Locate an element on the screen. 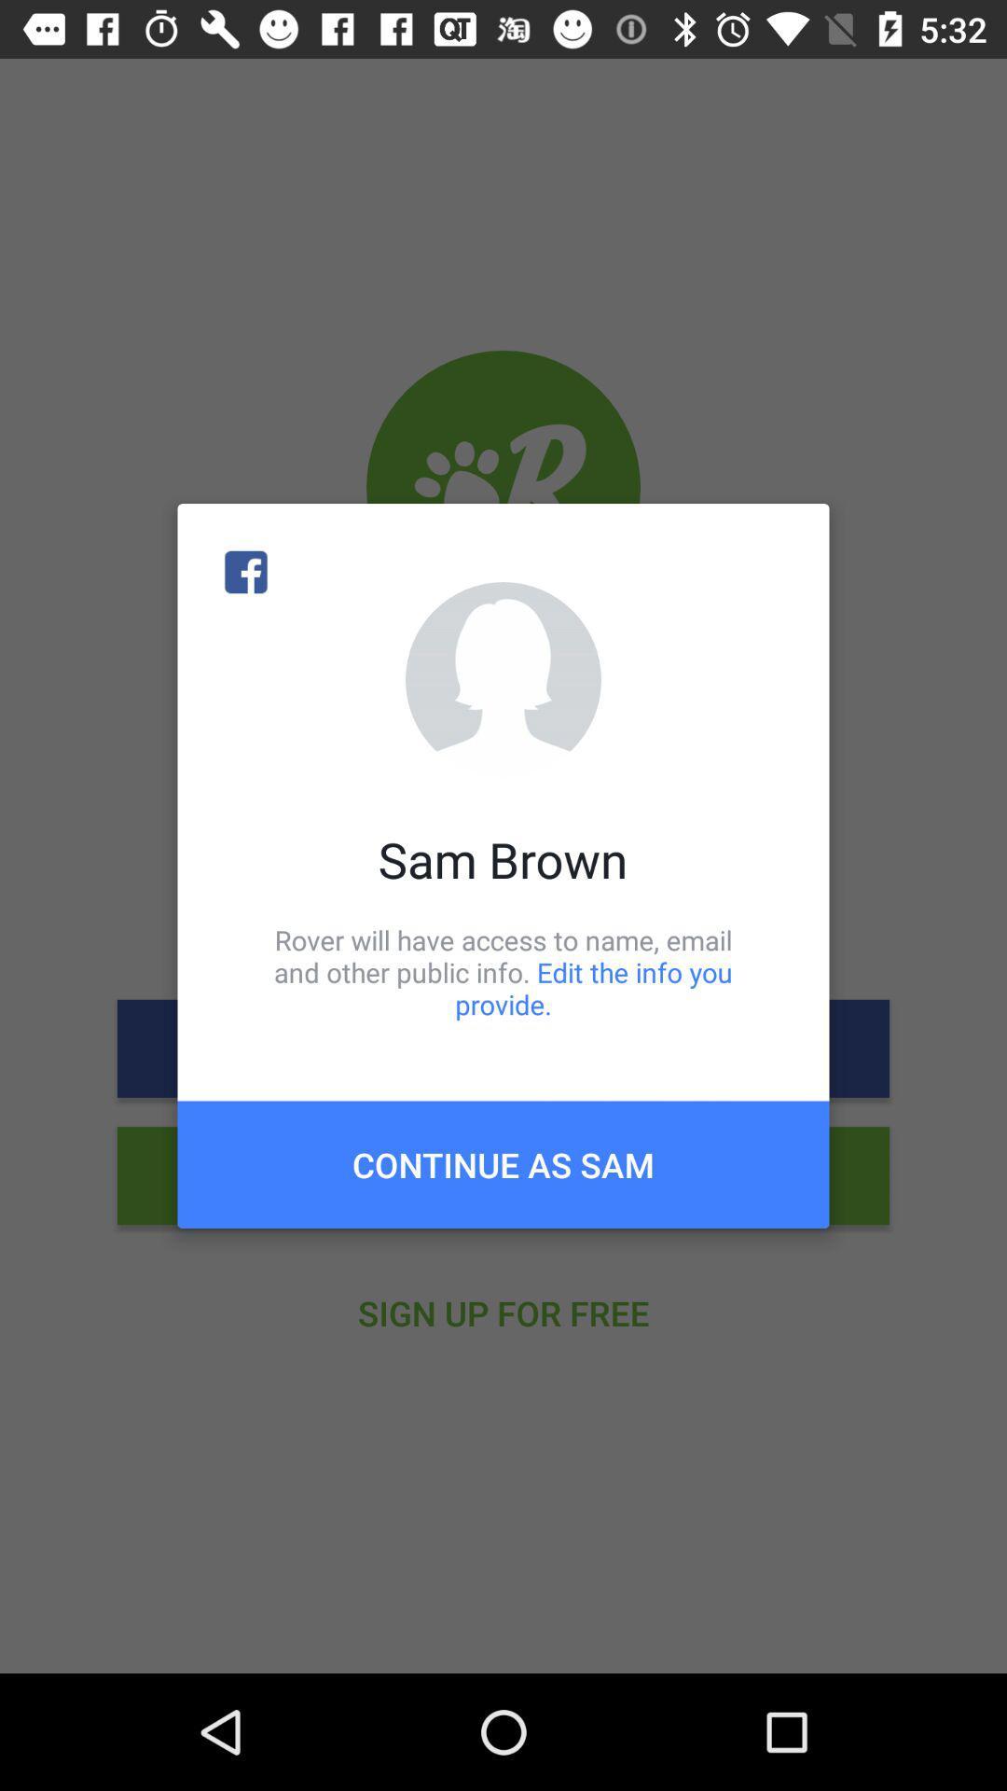 The image size is (1007, 1791). item below sam brown icon is located at coordinates (504, 971).